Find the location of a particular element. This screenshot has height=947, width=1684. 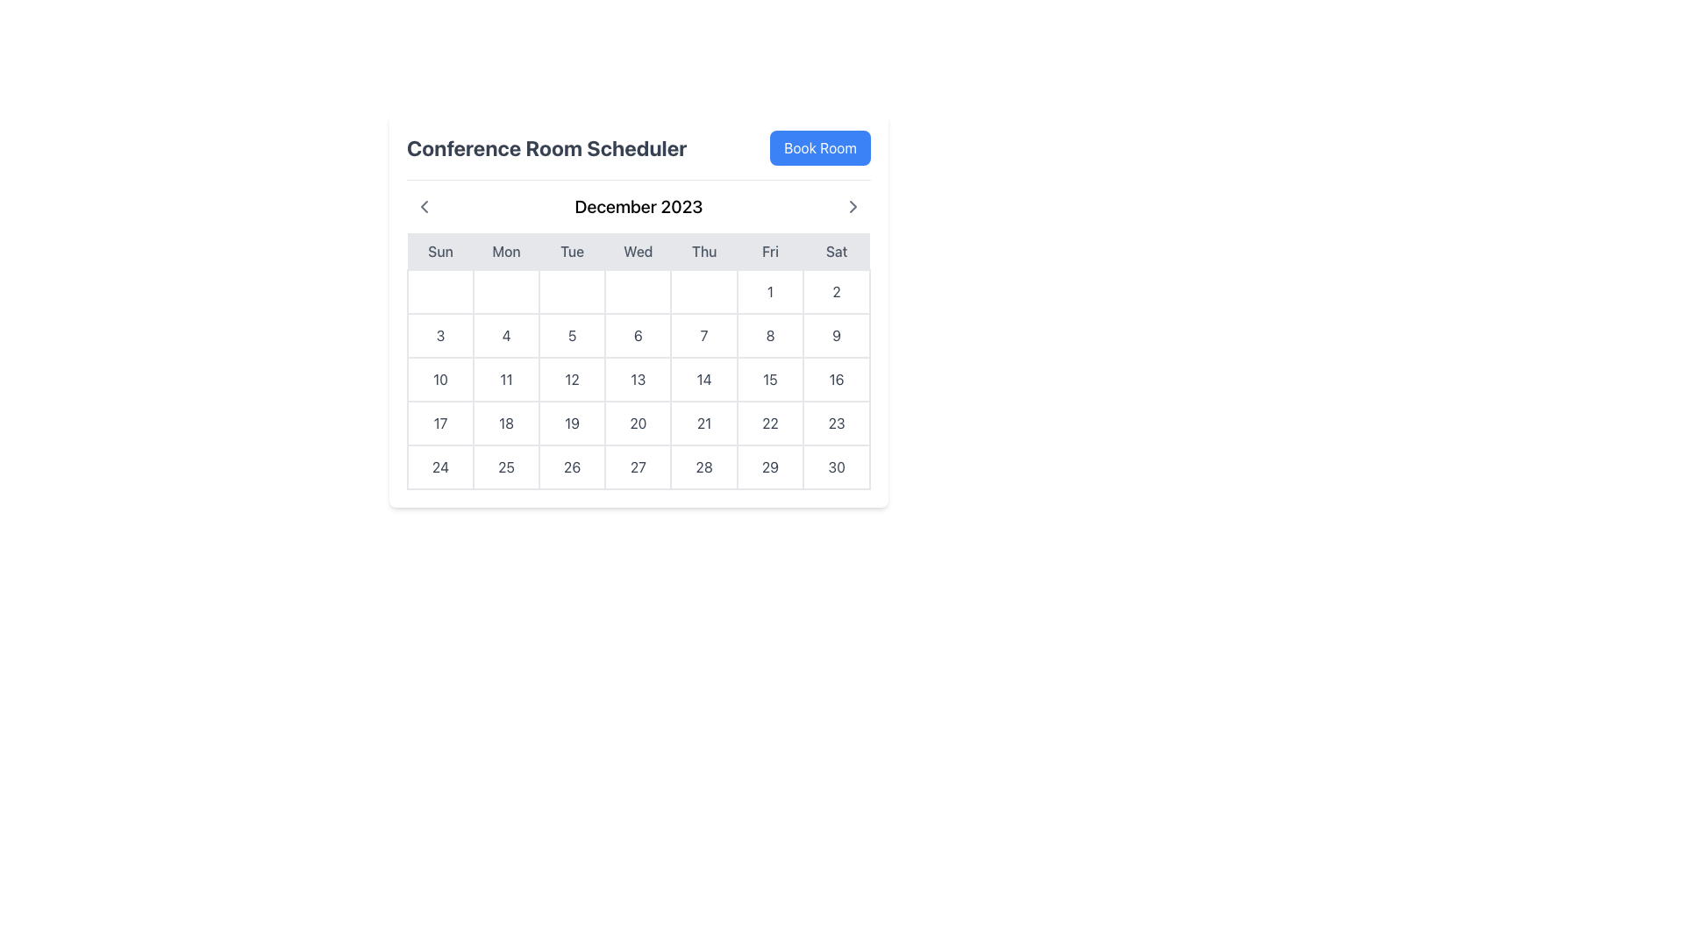

the calendar day cell displaying the number '7' in the Thursday column of the first week for accessibility actions is located at coordinates (704, 335).